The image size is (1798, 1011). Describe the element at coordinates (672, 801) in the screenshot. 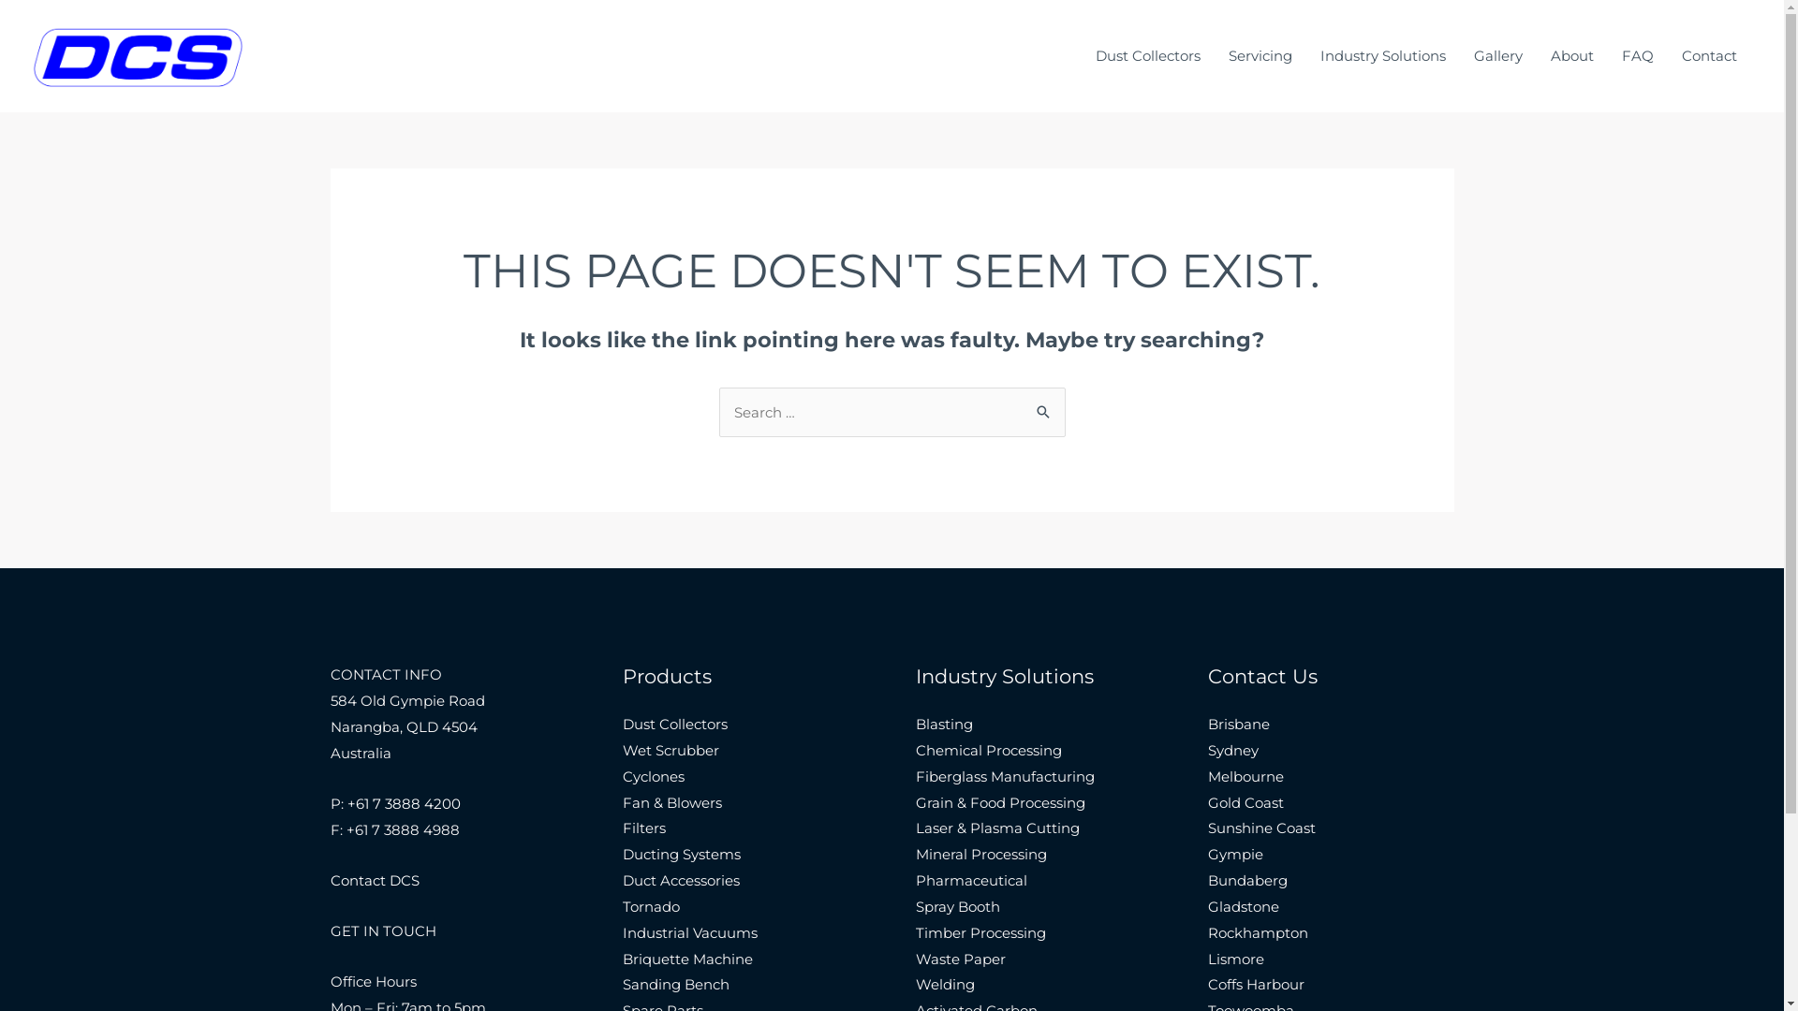

I see `'Fan & Blowers'` at that location.